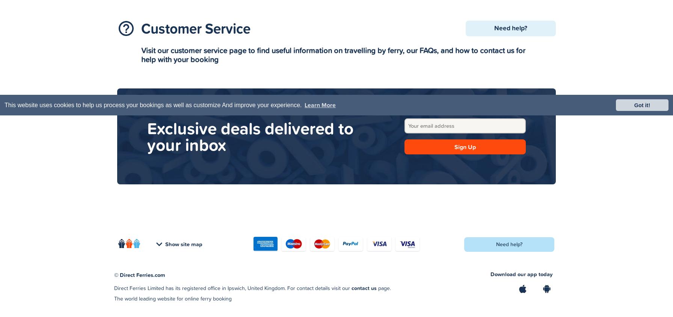 The width and height of the screenshot is (673, 317). What do you see at coordinates (364, 288) in the screenshot?
I see `'contact us'` at bounding box center [364, 288].